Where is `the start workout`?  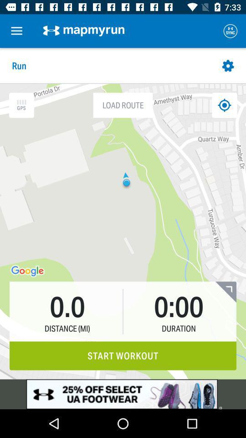 the start workout is located at coordinates (123, 355).